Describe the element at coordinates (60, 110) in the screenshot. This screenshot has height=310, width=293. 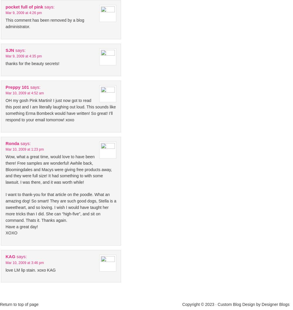
I see `'OH my gosh Pink Martini!  I just now got to read this post and I am literally laughing out loud.  This sounds like something Erma Bombeck would have written!  So great!  I’ll respond to your email tomorrow!  xoxo'` at that location.